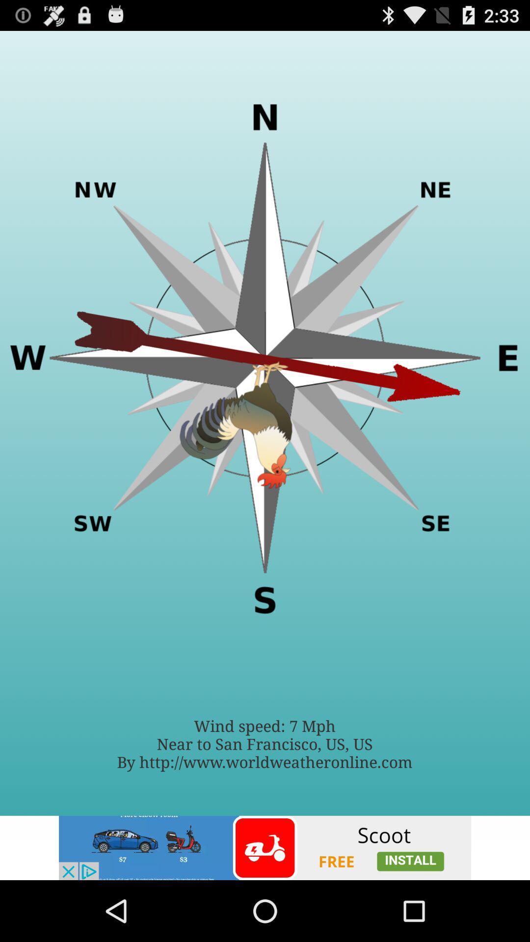 The image size is (530, 942). Describe the element at coordinates (265, 847) in the screenshot. I see `advertisement for scoot` at that location.